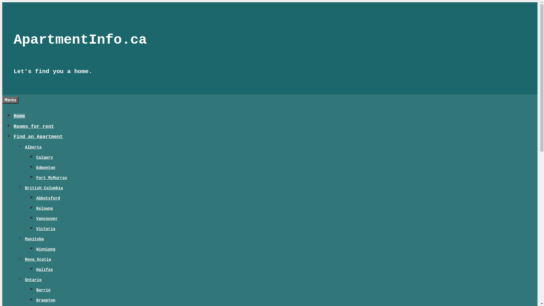 The width and height of the screenshot is (544, 306). I want to click on 'Brampton', so click(46, 300).